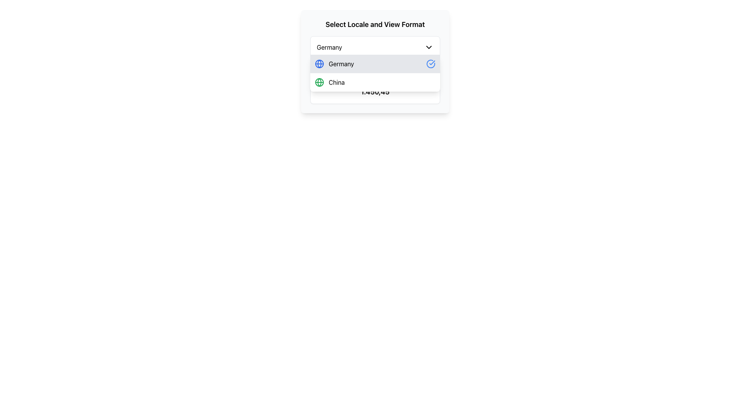 The image size is (740, 416). I want to click on the second selectable list item in the dropdown menu, so click(375, 82).